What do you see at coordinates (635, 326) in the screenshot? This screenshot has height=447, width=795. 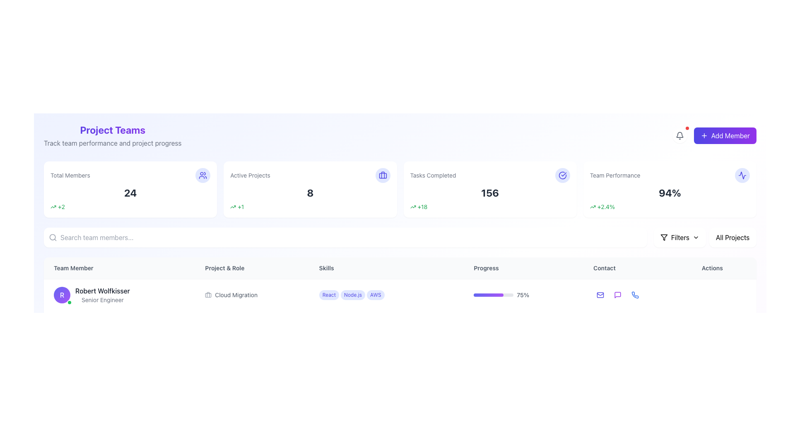 I see `the third interactive button in the contact column to initiate a phone call or access phone-related functionality` at bounding box center [635, 326].